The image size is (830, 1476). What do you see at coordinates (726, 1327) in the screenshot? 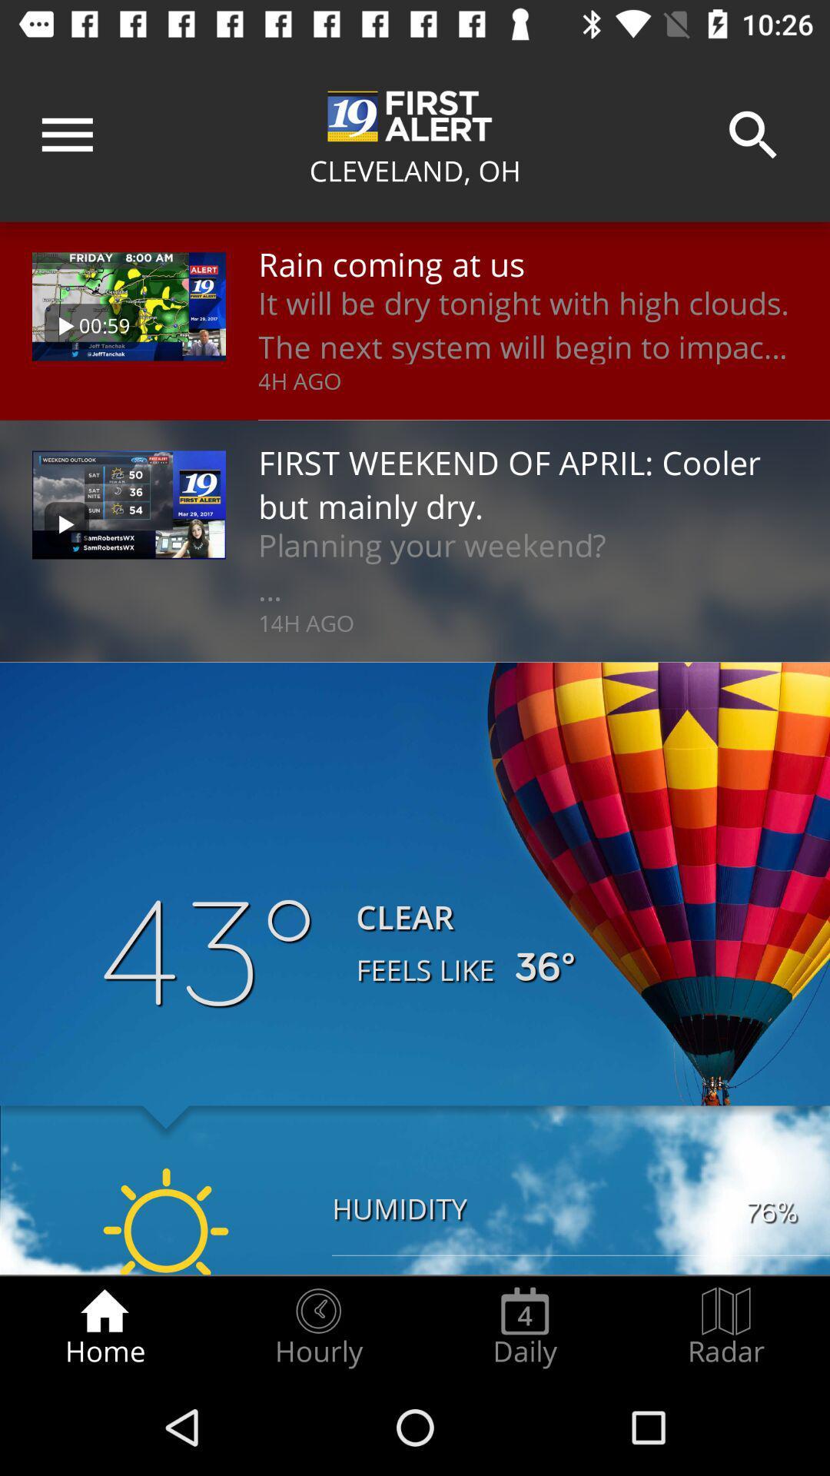
I see `the radar radio button` at bounding box center [726, 1327].